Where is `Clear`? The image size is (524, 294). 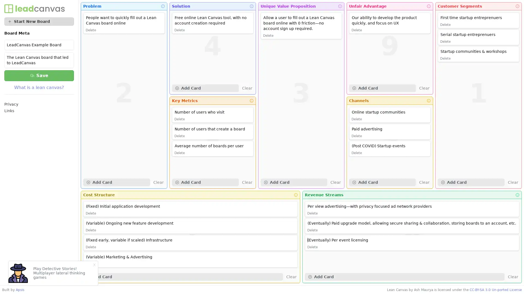 Clear is located at coordinates (247, 88).